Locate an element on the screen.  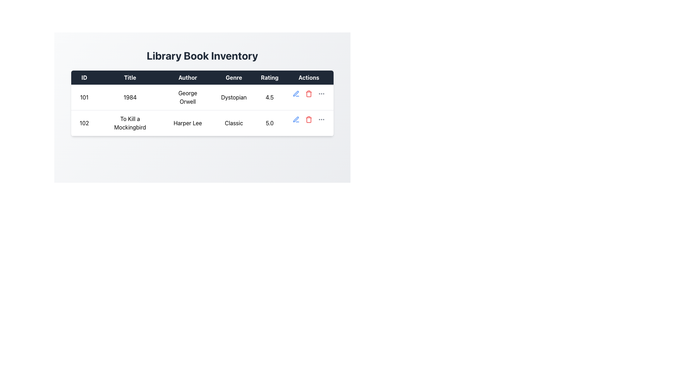
the label in the table that indicates the name of a book, located in the second column of the first row under the 'Title' header, next to the cell containing '101' is located at coordinates (130, 97).